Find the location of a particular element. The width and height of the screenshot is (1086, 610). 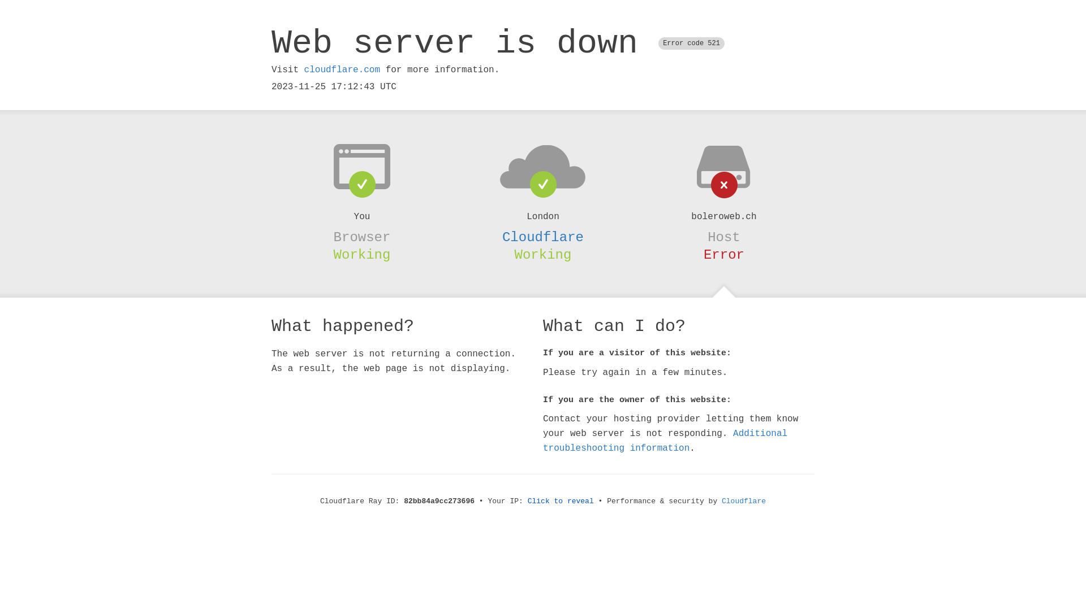

'Additional troubleshooting information' is located at coordinates (665, 440).